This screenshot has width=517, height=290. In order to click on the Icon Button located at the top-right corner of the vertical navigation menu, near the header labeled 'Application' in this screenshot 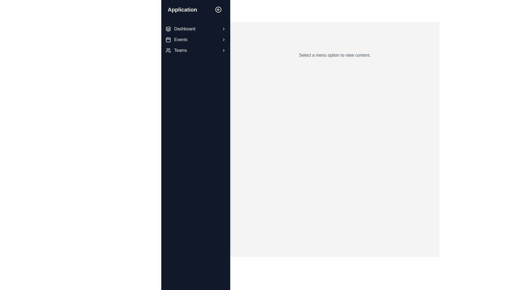, I will do `click(218, 9)`.